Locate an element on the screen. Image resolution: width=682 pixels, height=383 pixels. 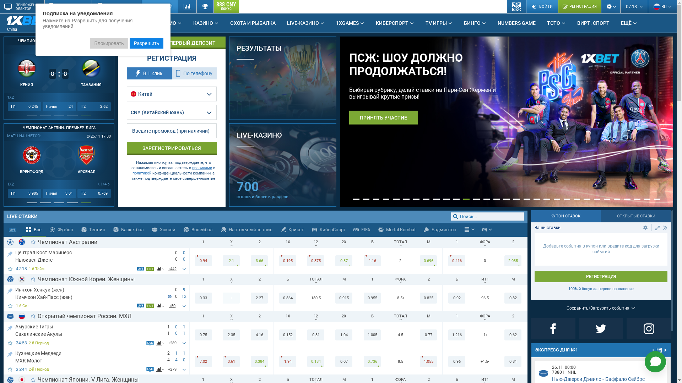
'NUMBERS GAME' is located at coordinates (516, 23).